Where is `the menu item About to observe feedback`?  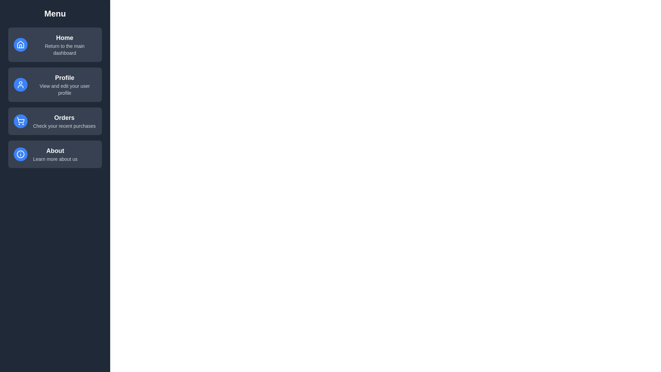 the menu item About to observe feedback is located at coordinates (54, 154).